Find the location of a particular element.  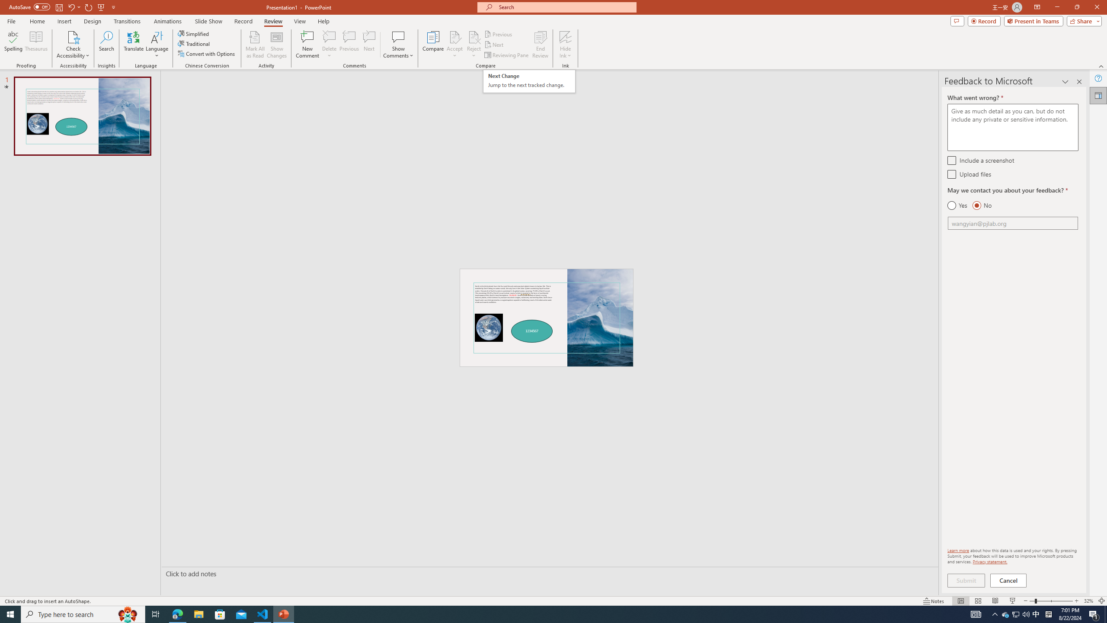

'Check Accessibility' is located at coordinates (72, 36).